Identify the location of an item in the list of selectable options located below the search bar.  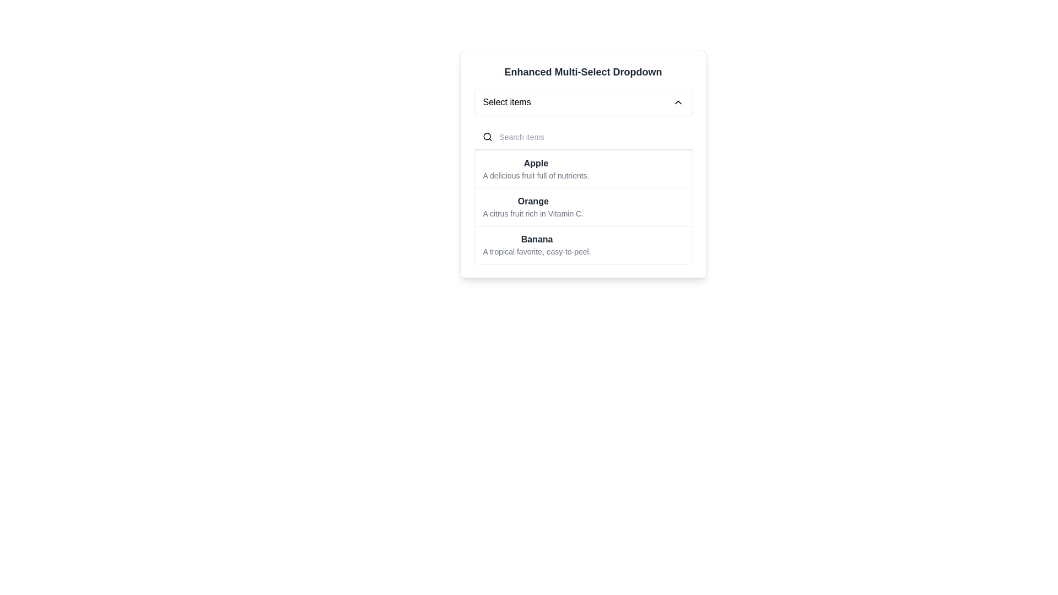
(582, 194).